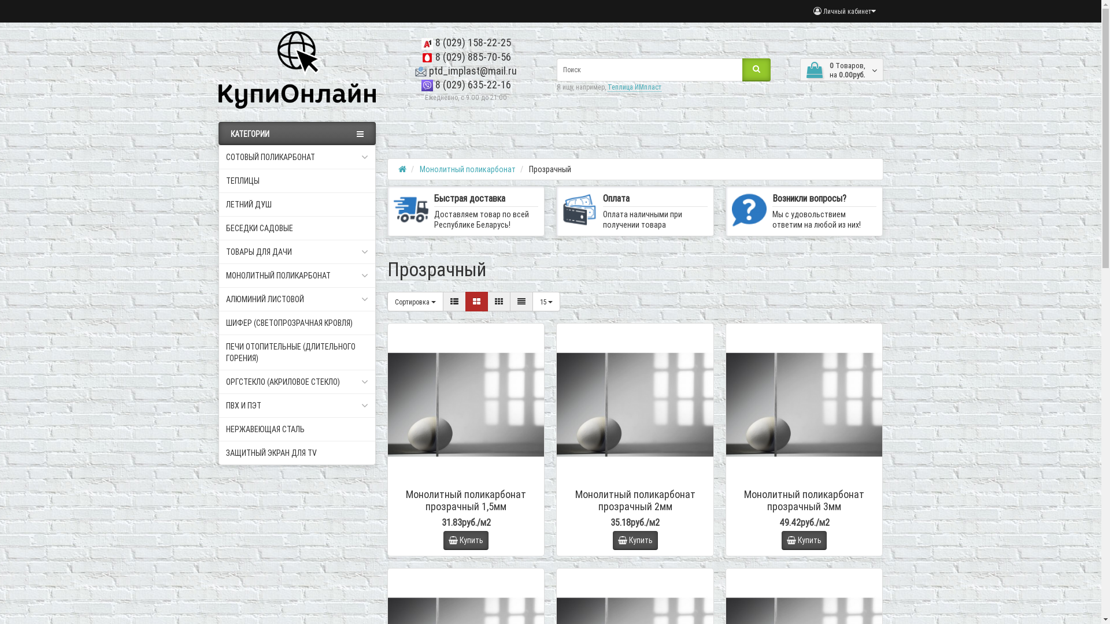  Describe the element at coordinates (421, 57) in the screenshot. I see `'8 (029) 885-70-56'` at that location.